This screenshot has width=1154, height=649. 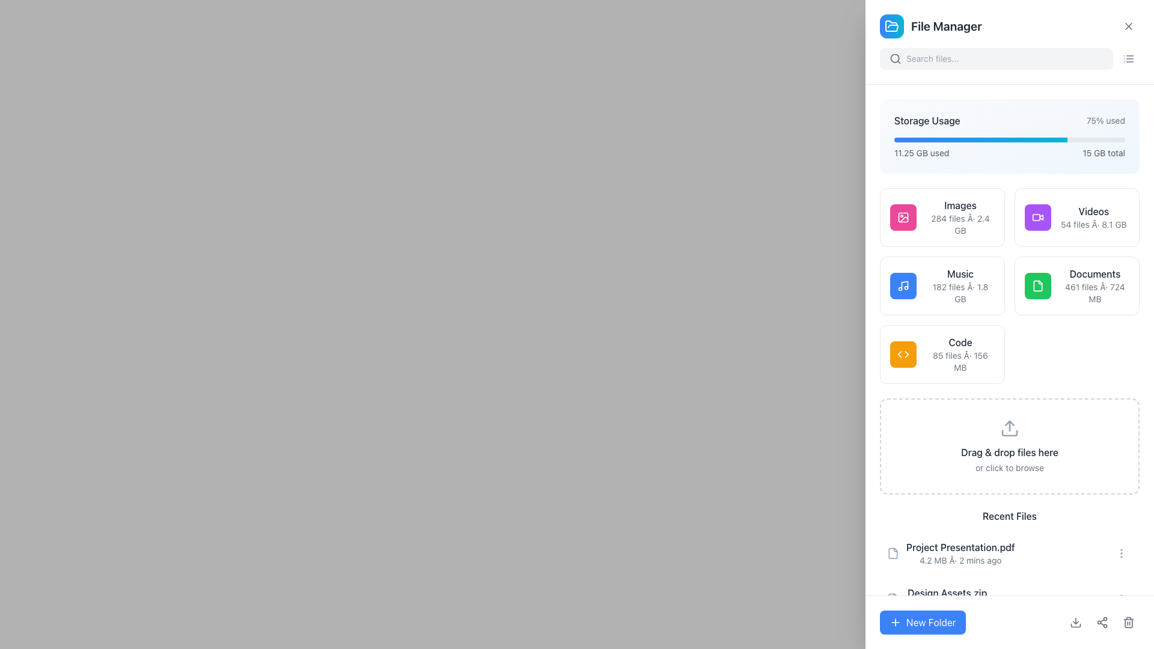 What do you see at coordinates (981, 139) in the screenshot?
I see `the progress bar segment that is a rectangular segment with a gradient color transitioning from blue to cyan, representing 75% of the total width, located near the top of the File Manager interface` at bounding box center [981, 139].